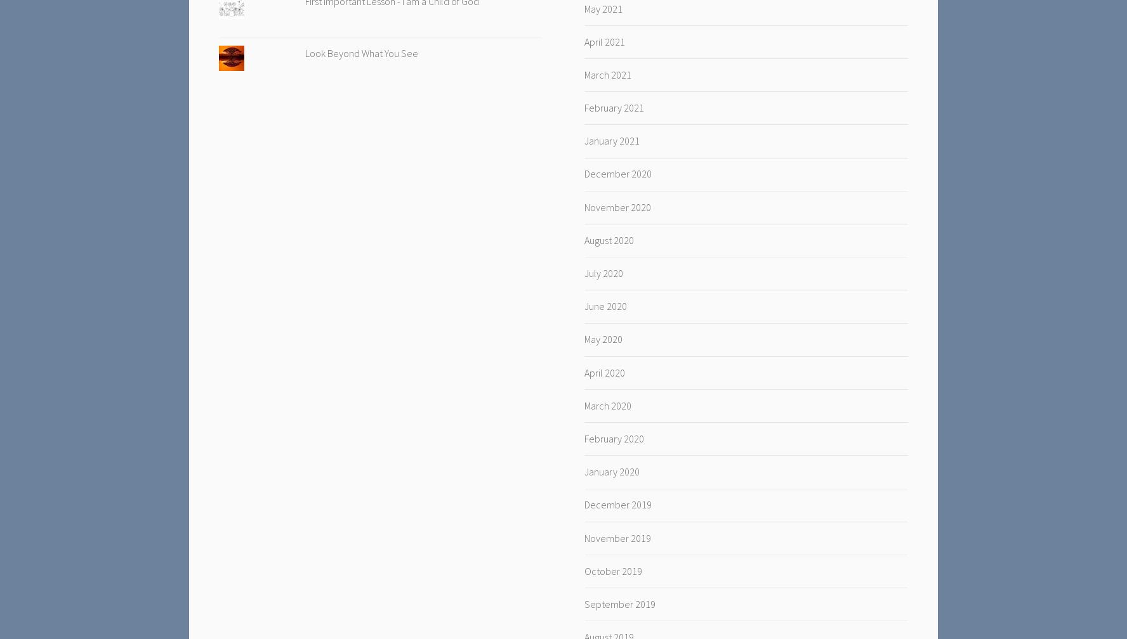 This screenshot has width=1127, height=639. What do you see at coordinates (617, 173) in the screenshot?
I see `'December 2020'` at bounding box center [617, 173].